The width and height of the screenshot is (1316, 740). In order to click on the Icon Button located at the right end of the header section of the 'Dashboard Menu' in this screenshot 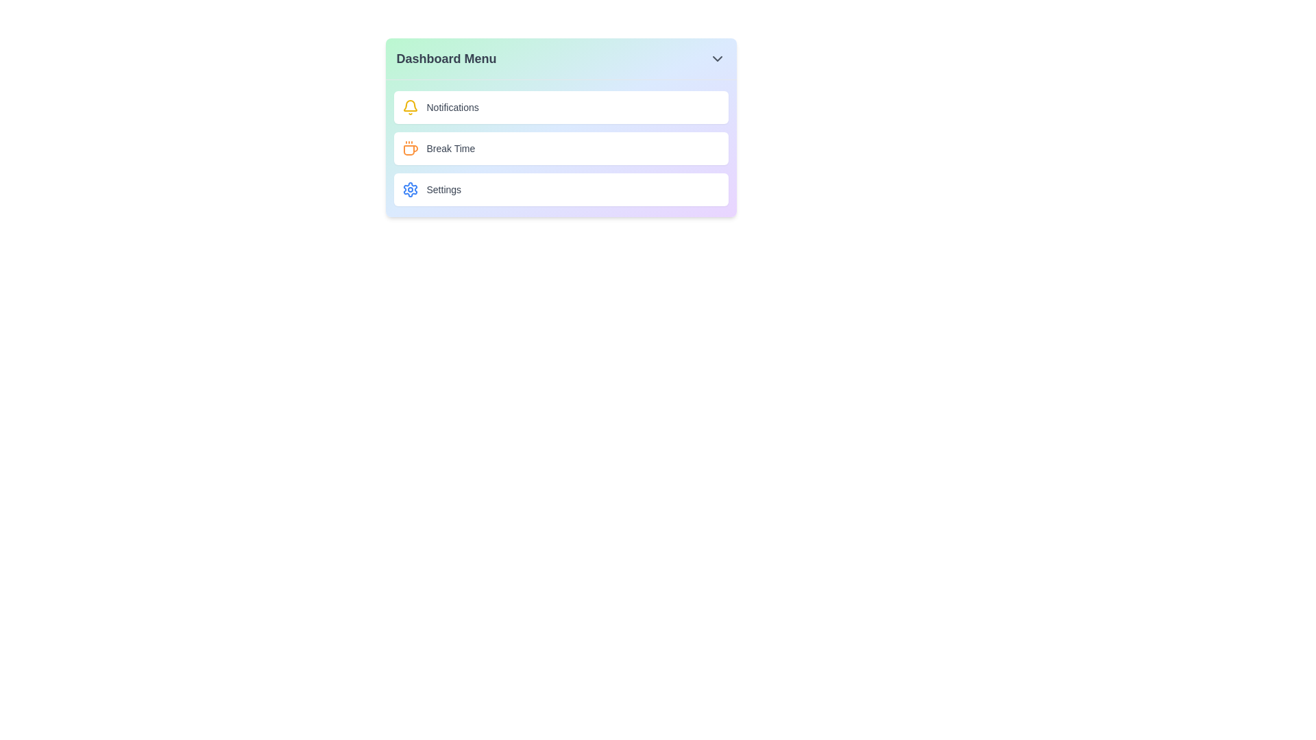, I will do `click(716, 58)`.